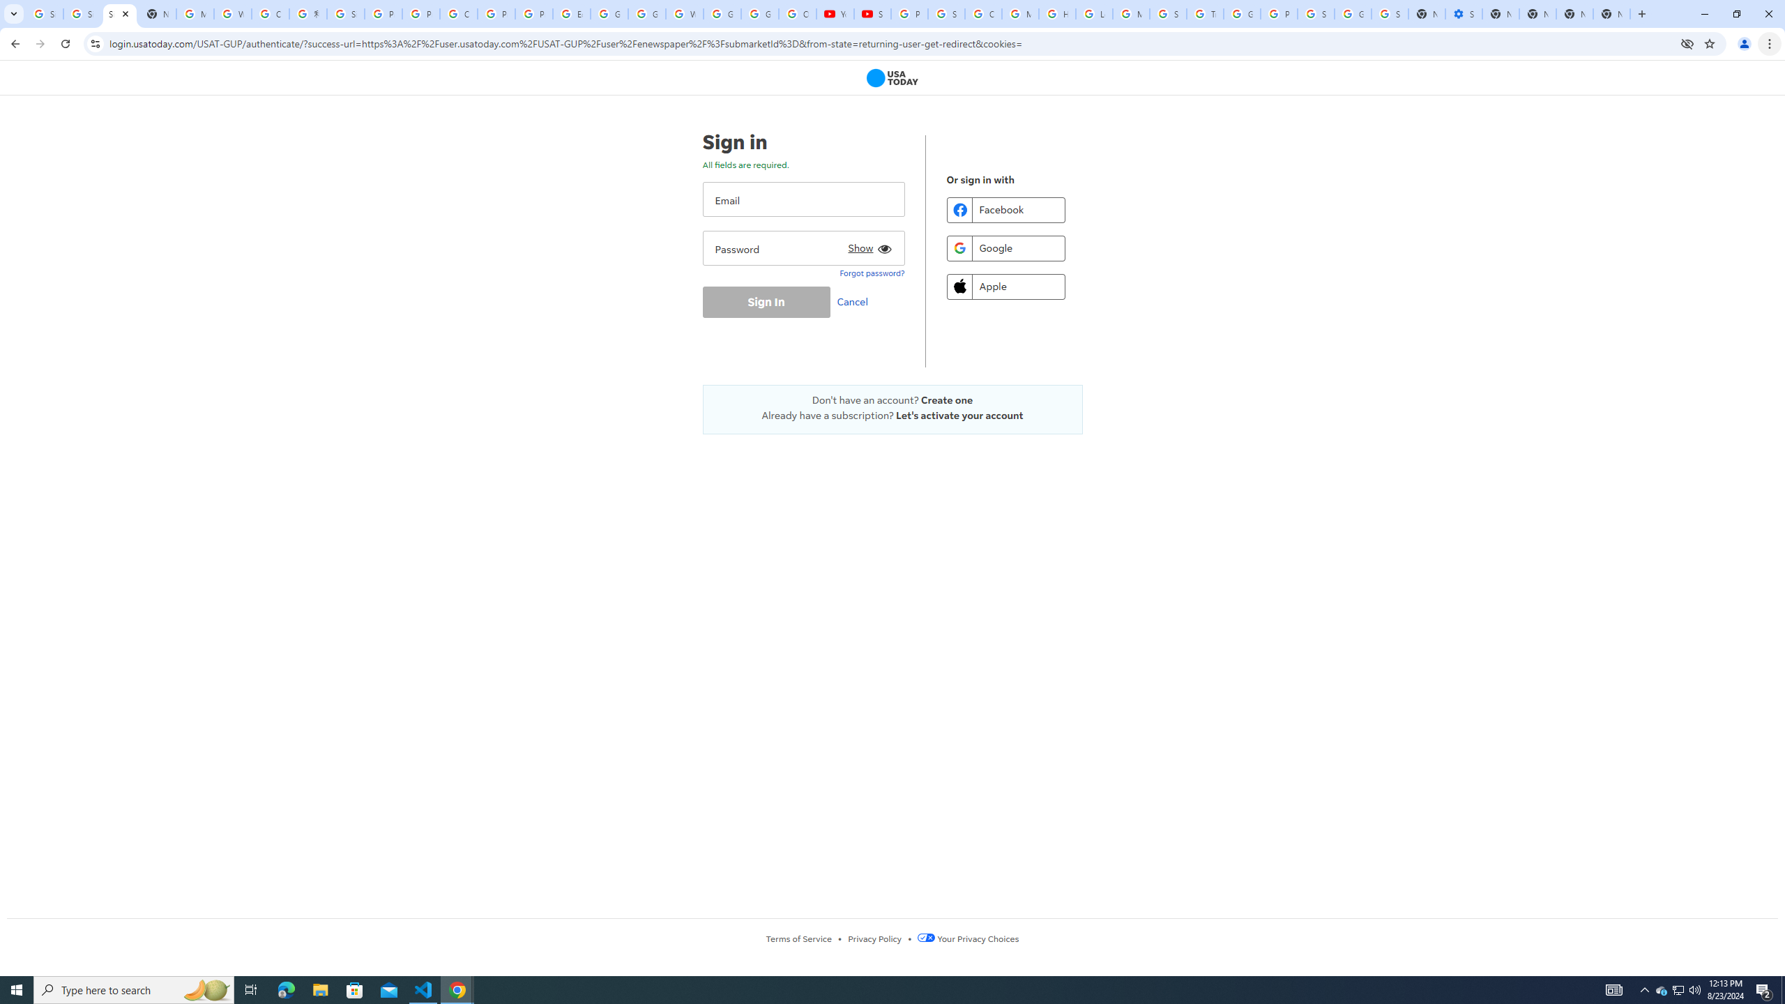  I want to click on 'Don', so click(892, 399).